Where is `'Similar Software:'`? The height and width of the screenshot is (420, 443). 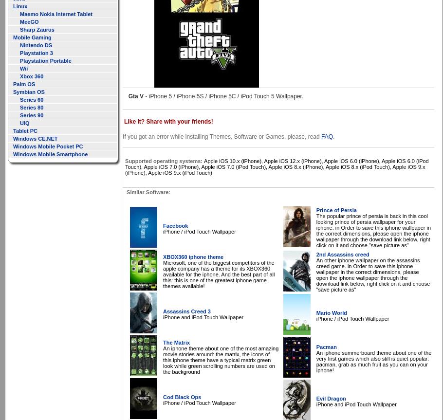
'Similar Software:' is located at coordinates (126, 192).